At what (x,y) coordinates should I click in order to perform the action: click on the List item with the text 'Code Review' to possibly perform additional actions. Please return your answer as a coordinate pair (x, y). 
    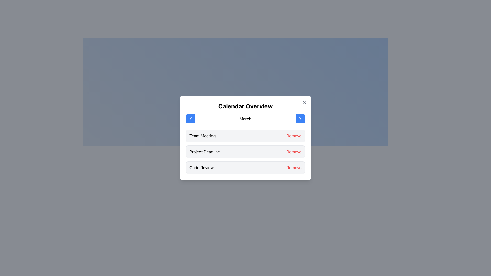
    Looking at the image, I should click on (245, 167).